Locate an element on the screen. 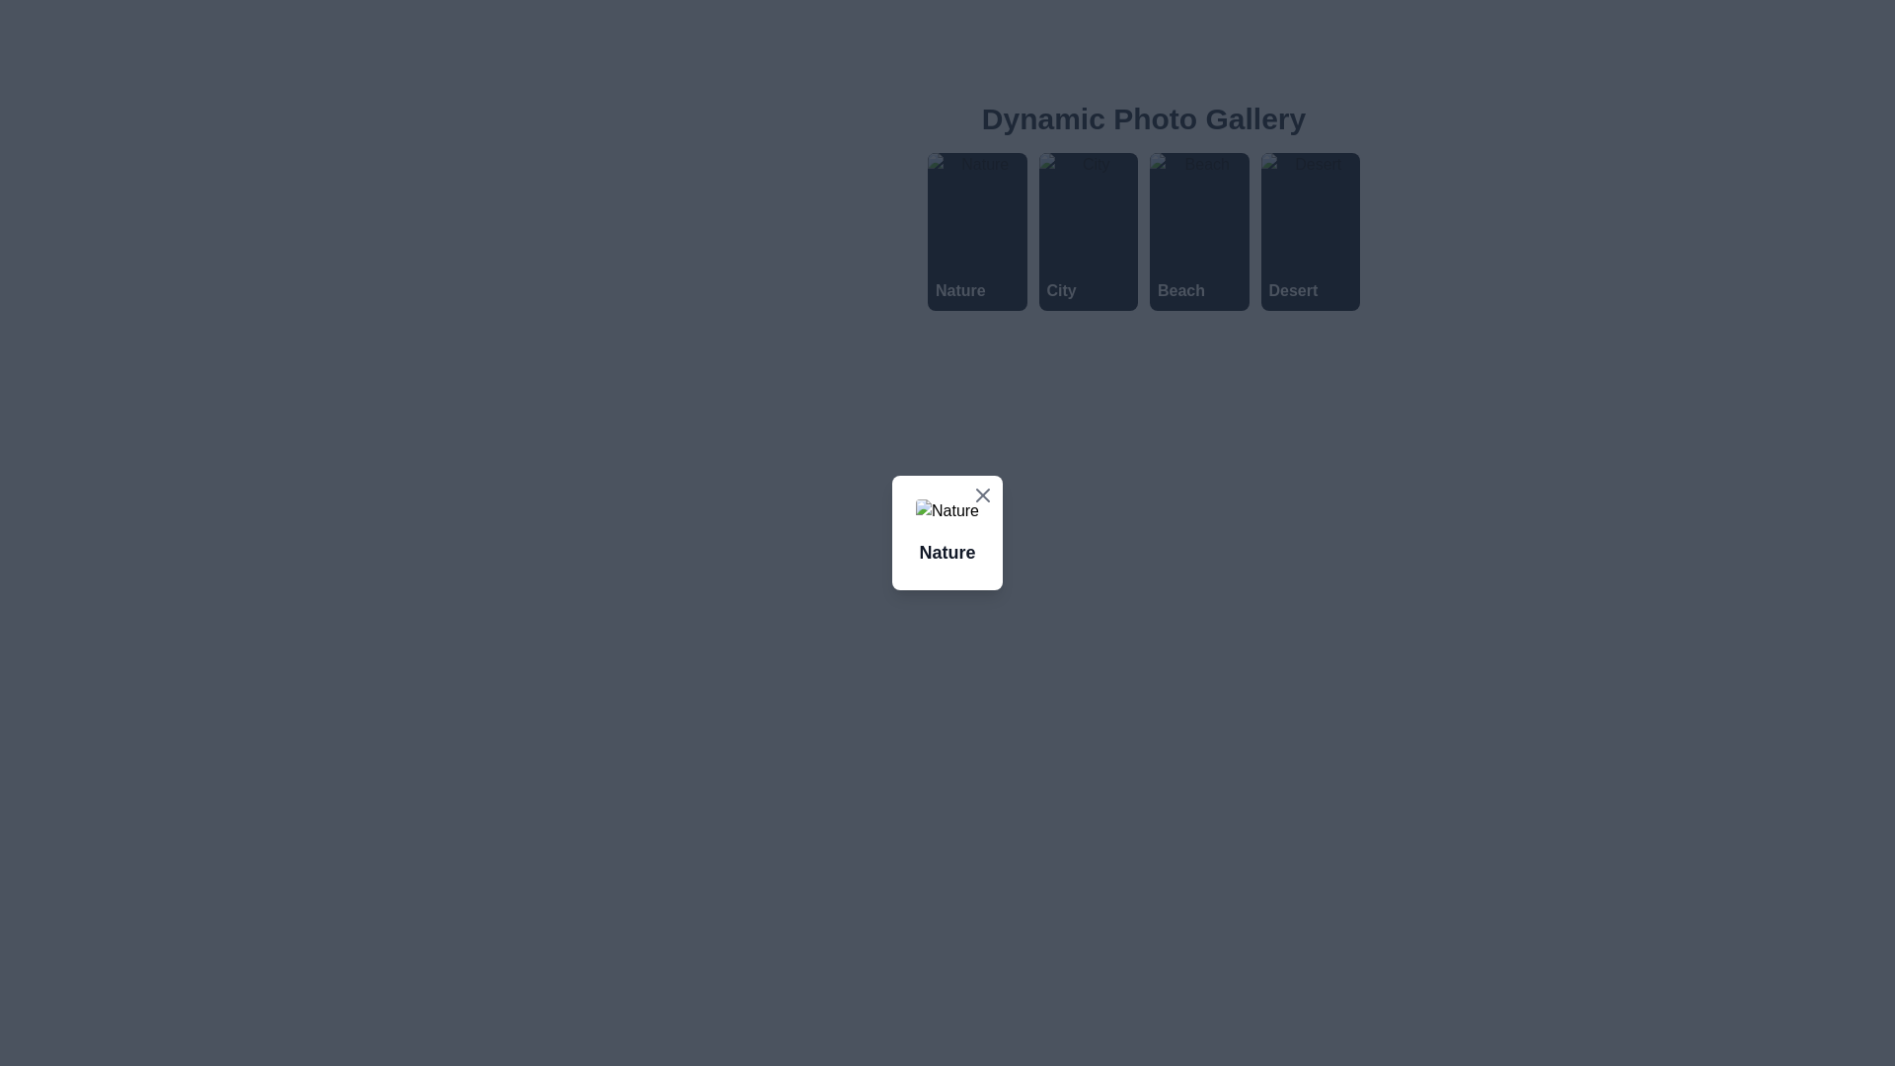 The width and height of the screenshot is (1895, 1066). the text label displaying the word 'Desert' in white bold font, located in the bottom-left corner of the fourth card in a row of four cards is located at coordinates (1293, 290).